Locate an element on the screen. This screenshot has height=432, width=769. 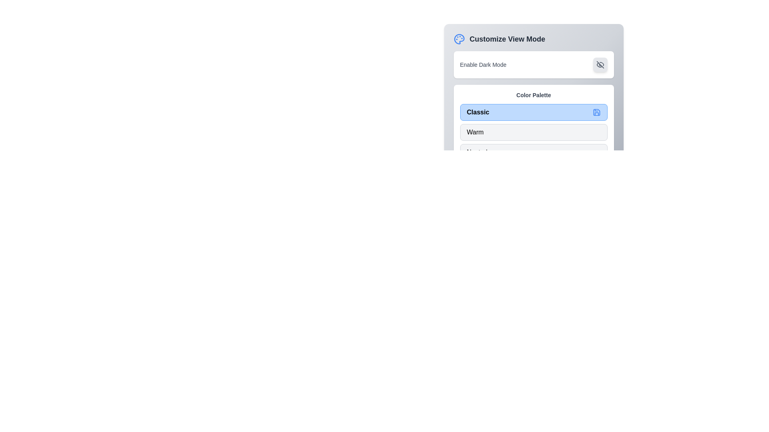
the 'Warm' theme button, which is the second button in a vertical list of theme options, to apply the warm theme settings is located at coordinates (533, 132).